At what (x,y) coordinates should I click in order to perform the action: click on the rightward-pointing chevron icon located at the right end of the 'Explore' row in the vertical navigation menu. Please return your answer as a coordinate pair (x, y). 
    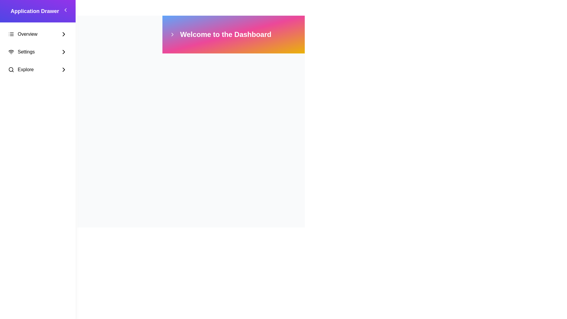
    Looking at the image, I should click on (64, 69).